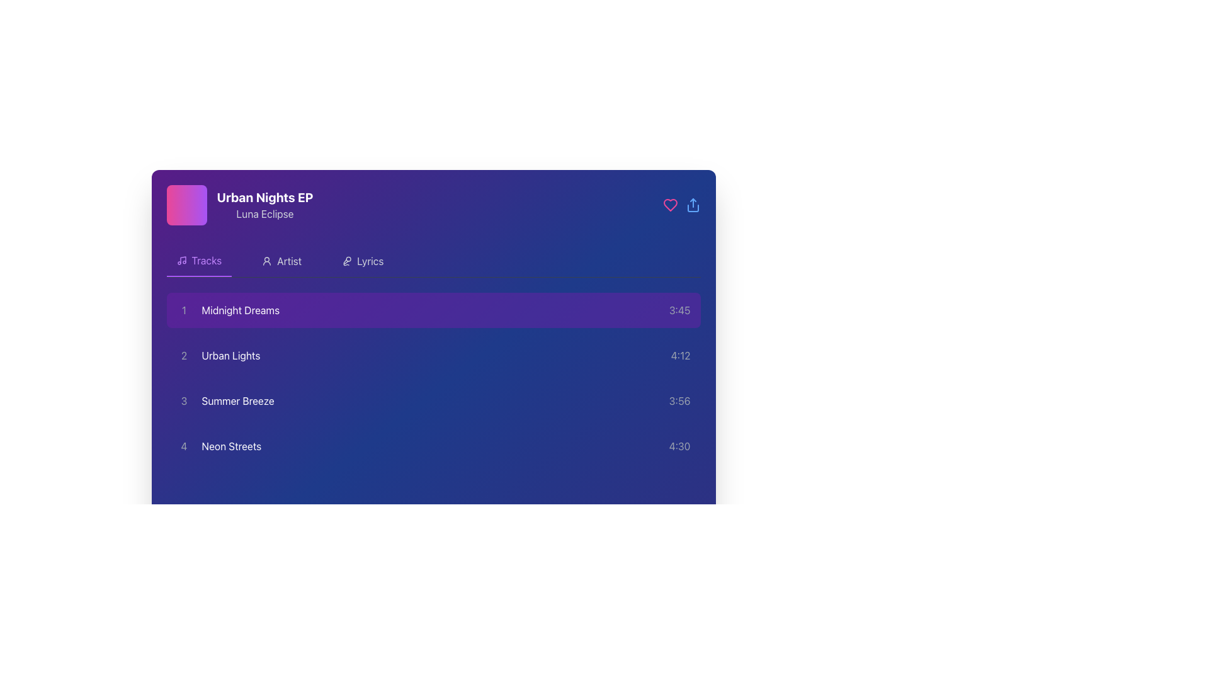  I want to click on the pink heart icon located in the top right corner of the card interface, so click(669, 205).